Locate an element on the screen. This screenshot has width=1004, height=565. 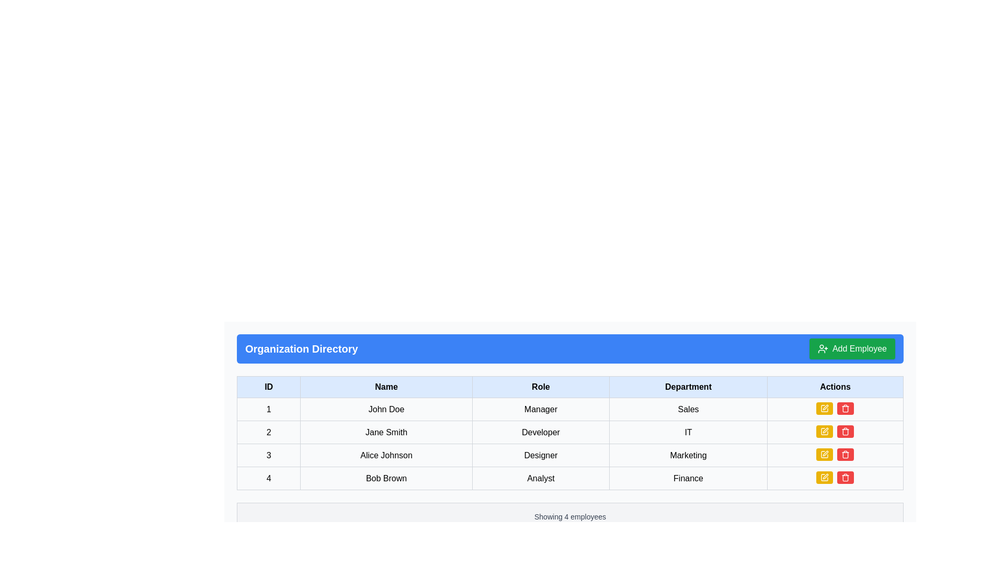
the delete icon within the red button in the 'Actions' column of the table row for 'Alice Johnson' in the 'Organization Directory' section is located at coordinates (846, 454).